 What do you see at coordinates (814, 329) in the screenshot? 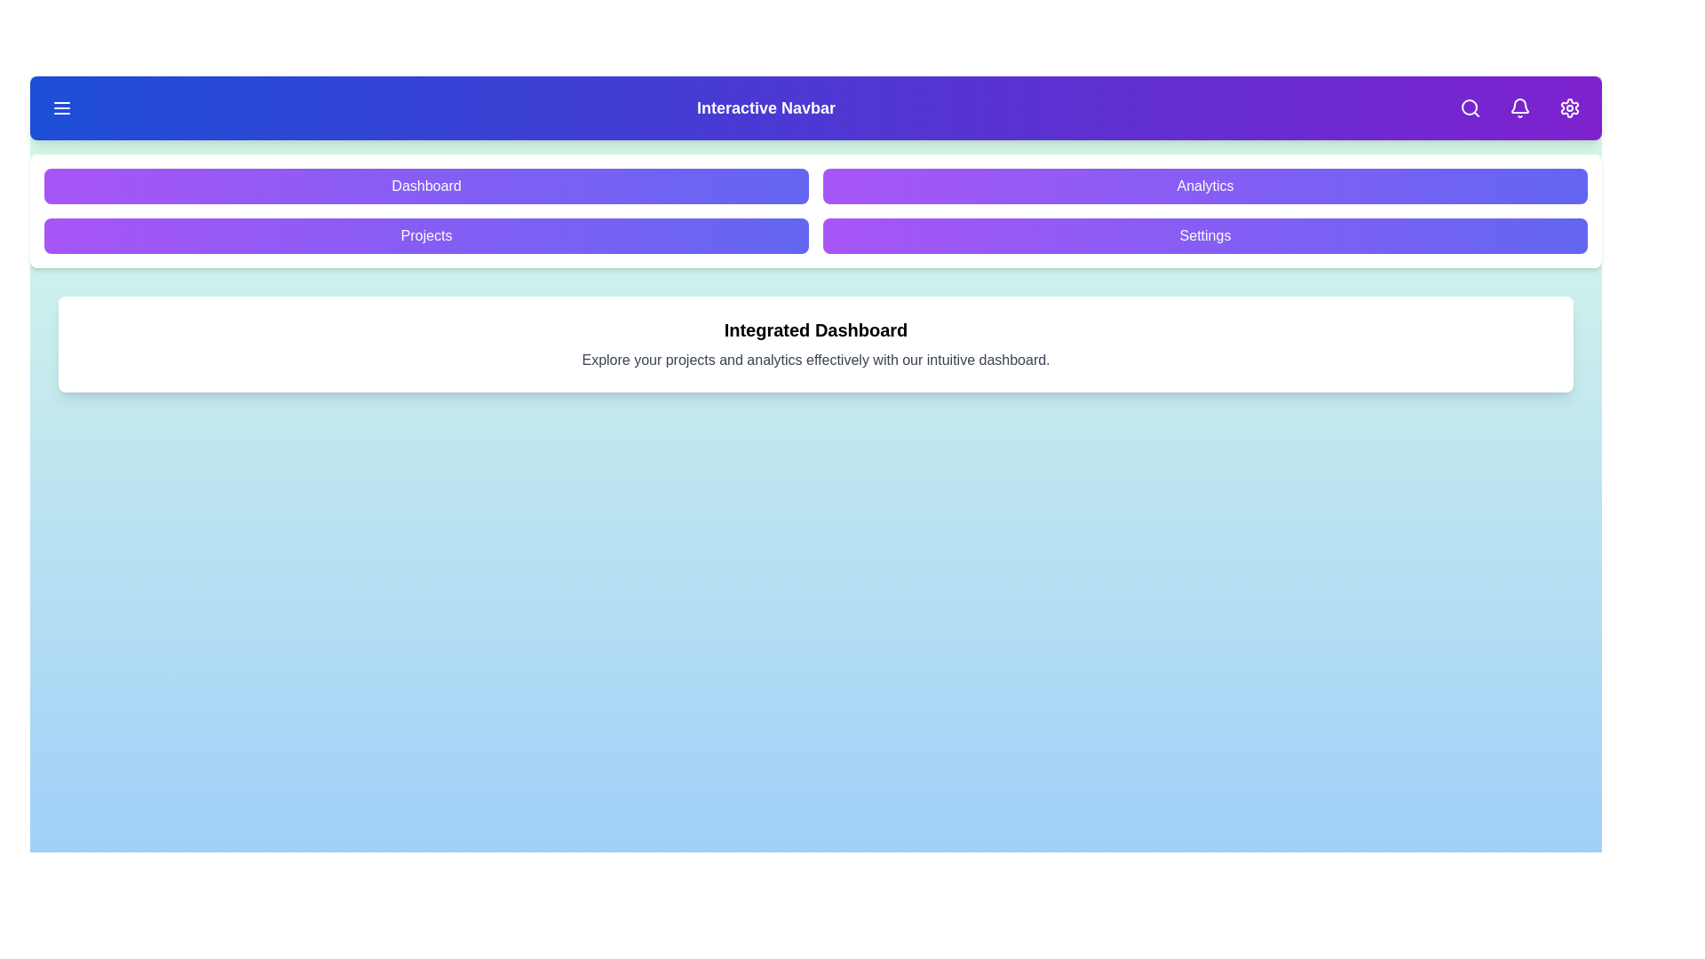
I see `the text in the 'Integrated Dashboard' section` at bounding box center [814, 329].